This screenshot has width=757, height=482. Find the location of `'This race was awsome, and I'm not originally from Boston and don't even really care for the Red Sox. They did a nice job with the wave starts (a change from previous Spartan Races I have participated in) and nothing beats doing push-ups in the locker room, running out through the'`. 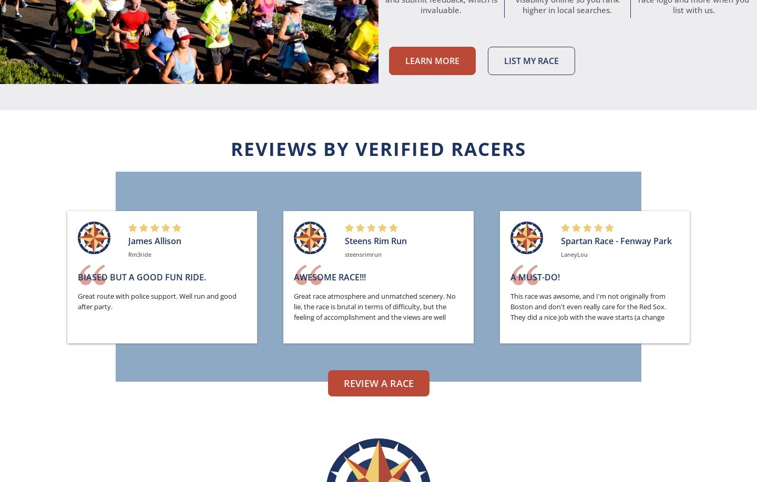

'This race was awsome, and I'm not originally from Boston and don't even really care for the Red Sox. They did a nice job with the wave starts (a change from previous Spartan Races I have participated in) and nothing beats doing push-ups in the locker room, running out through the' is located at coordinates (593, 322).